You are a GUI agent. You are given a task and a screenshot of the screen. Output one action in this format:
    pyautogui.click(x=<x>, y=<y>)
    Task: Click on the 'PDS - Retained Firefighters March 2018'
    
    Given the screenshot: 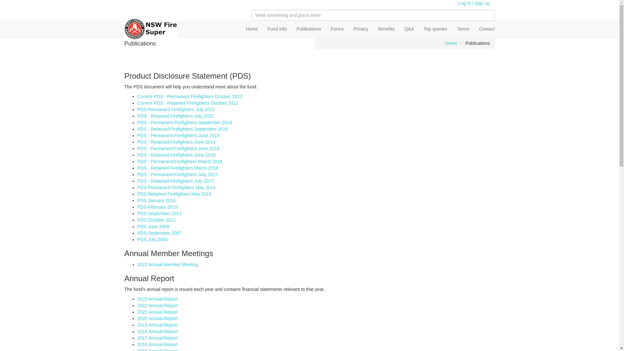 What is the action you would take?
    pyautogui.click(x=137, y=167)
    